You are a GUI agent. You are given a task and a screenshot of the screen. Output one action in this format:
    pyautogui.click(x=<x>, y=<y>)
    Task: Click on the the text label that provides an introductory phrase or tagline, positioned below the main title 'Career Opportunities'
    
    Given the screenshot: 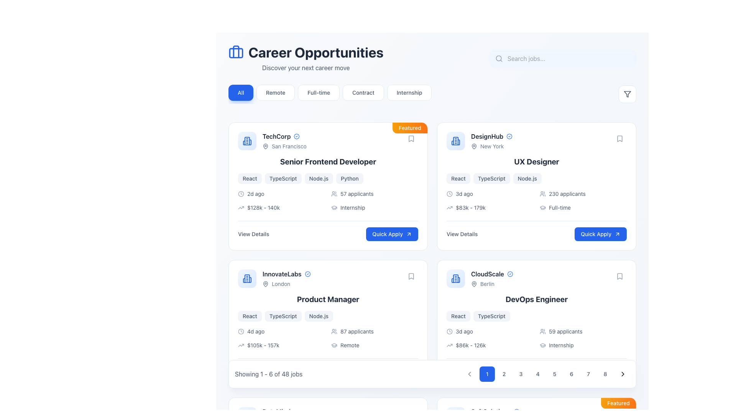 What is the action you would take?
    pyautogui.click(x=306, y=67)
    